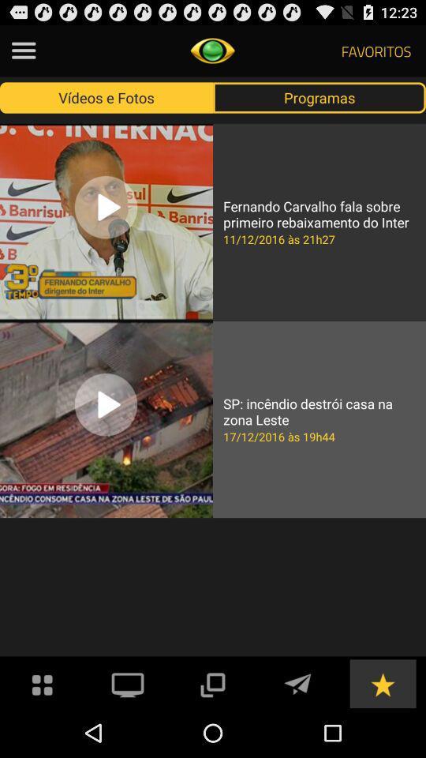 The width and height of the screenshot is (426, 758). I want to click on open gallery, so click(43, 682).